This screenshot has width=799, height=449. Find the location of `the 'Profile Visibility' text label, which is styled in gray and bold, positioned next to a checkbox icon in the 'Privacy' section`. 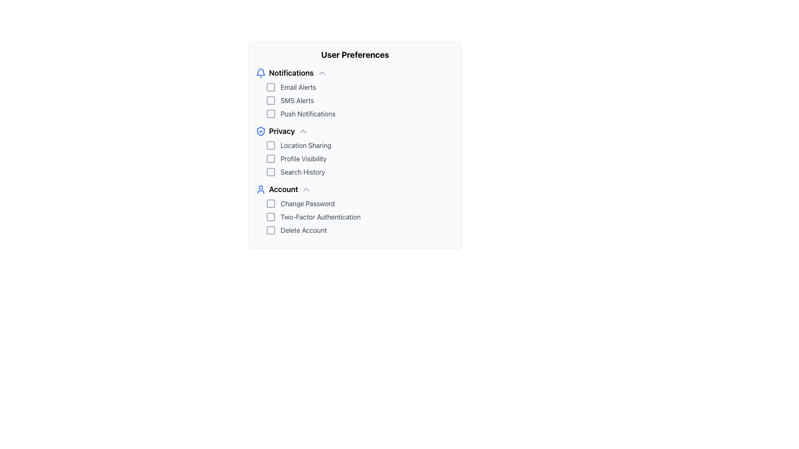

the 'Profile Visibility' text label, which is styled in gray and bold, positioned next to a checkbox icon in the 'Privacy' section is located at coordinates (303, 158).